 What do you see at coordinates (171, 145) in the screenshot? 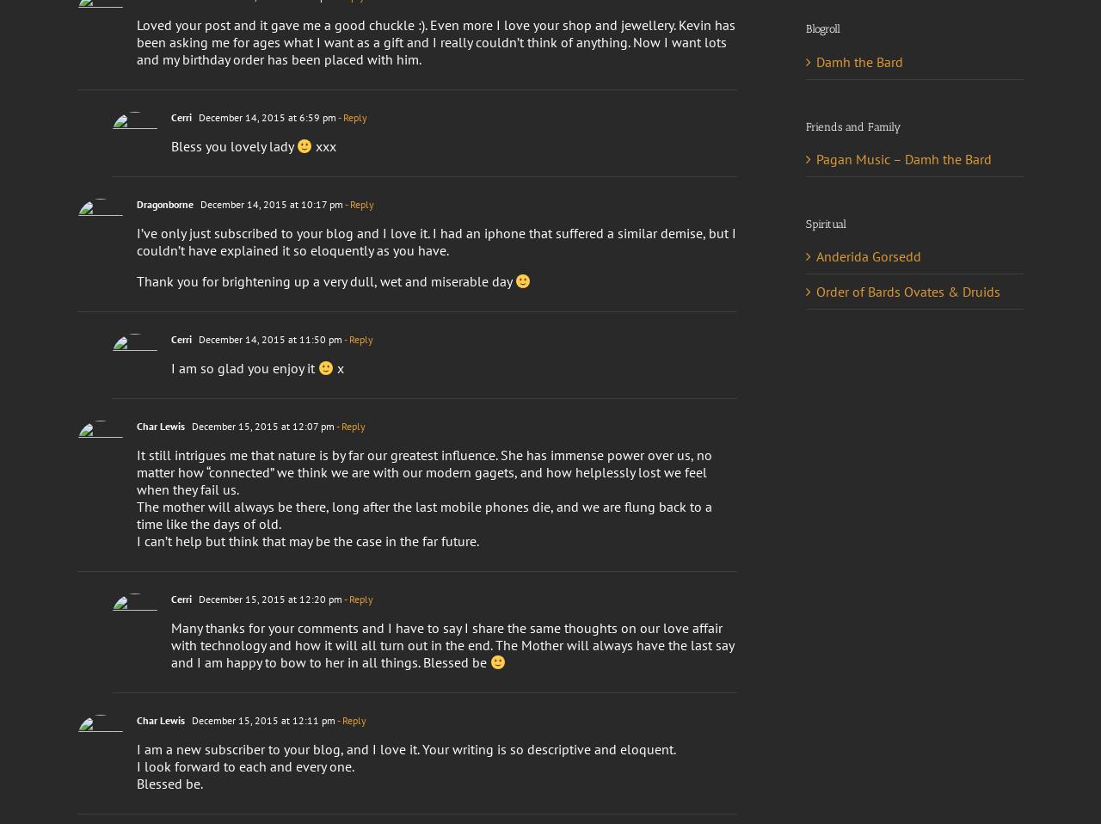
I see `'Bless you lovely lady'` at bounding box center [171, 145].